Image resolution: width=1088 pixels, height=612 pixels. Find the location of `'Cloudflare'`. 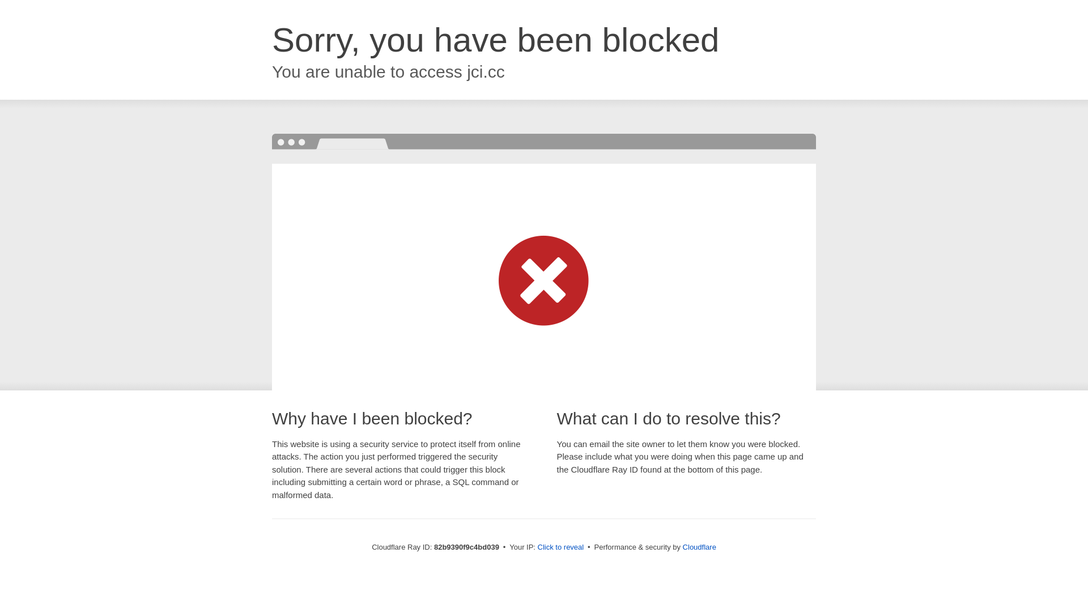

'Cloudflare' is located at coordinates (699, 546).